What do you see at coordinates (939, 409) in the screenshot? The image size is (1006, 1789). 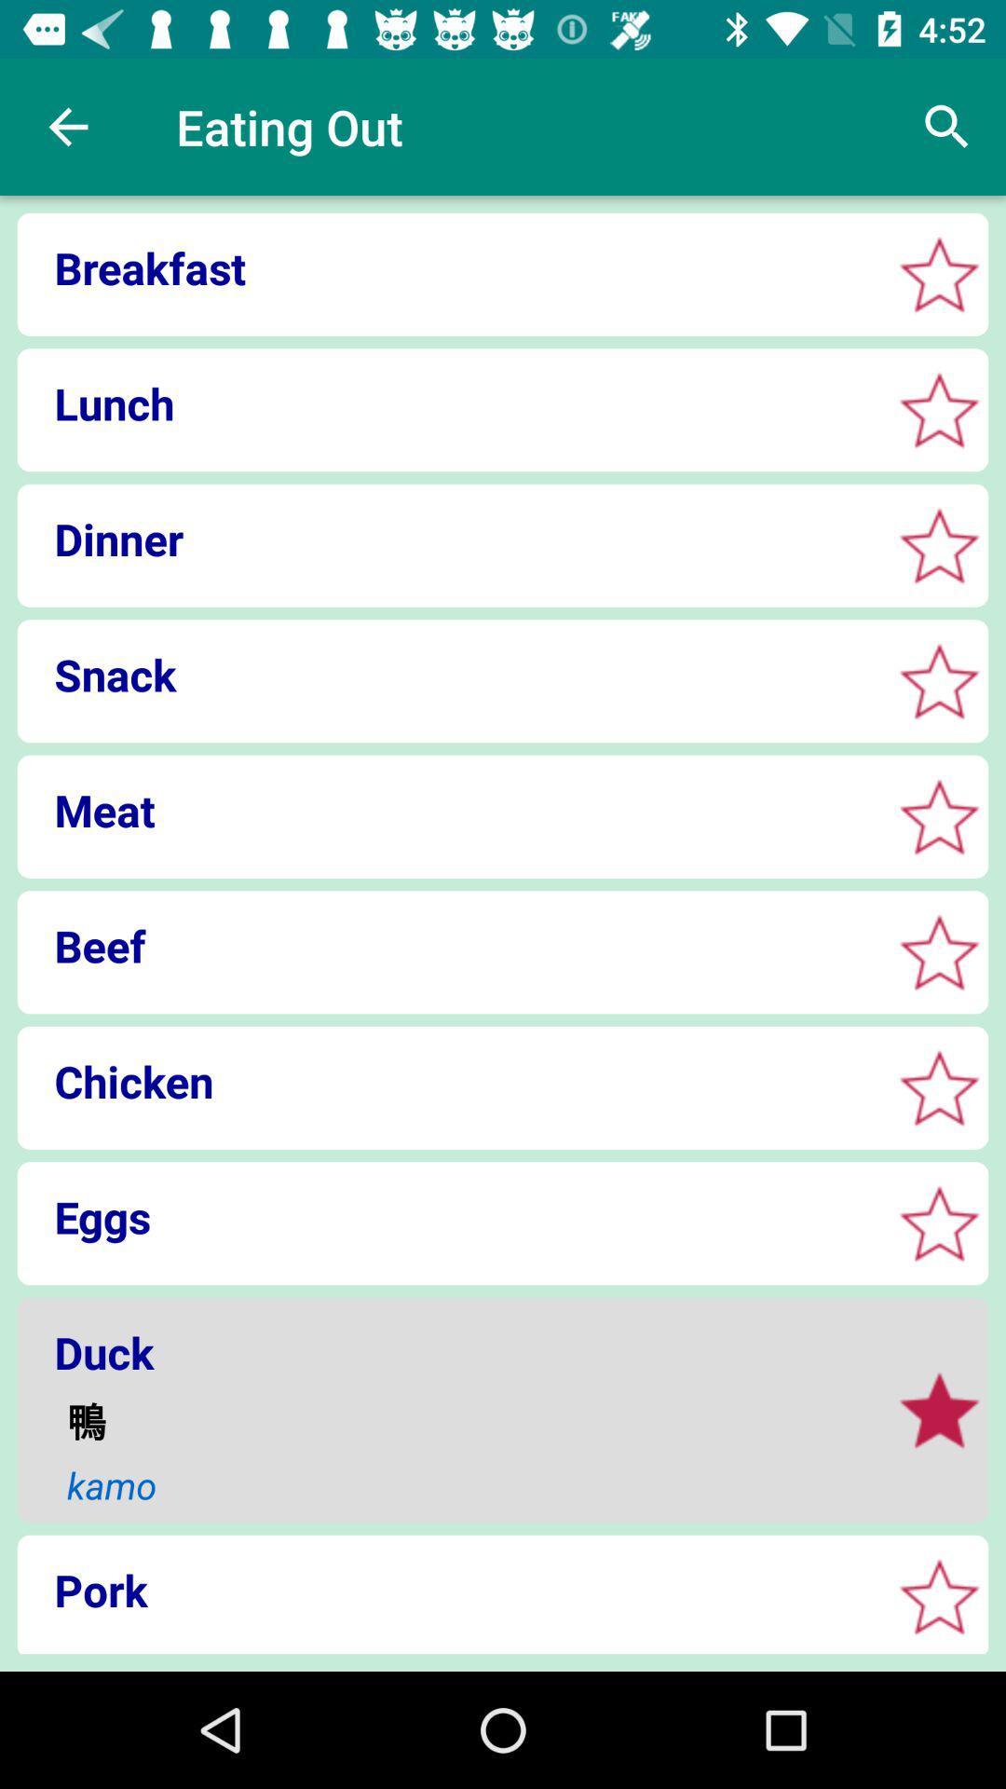 I see `option to highlight the star` at bounding box center [939, 409].